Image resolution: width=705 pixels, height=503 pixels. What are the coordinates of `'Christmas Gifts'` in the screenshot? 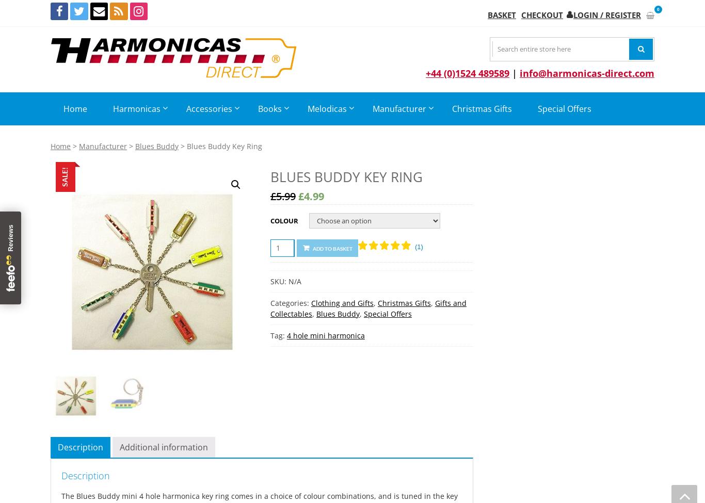 It's located at (404, 302).